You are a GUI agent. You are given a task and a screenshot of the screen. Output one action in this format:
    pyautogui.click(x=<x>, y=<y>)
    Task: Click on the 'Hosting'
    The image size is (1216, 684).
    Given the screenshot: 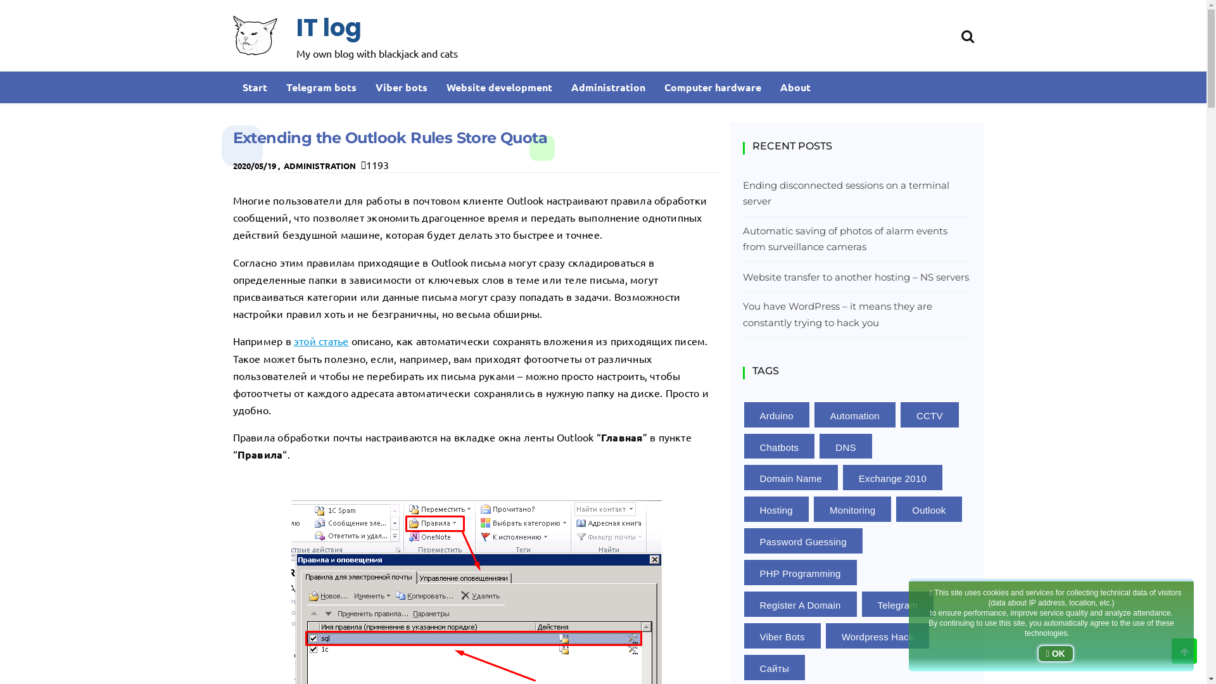 What is the action you would take?
    pyautogui.click(x=775, y=508)
    